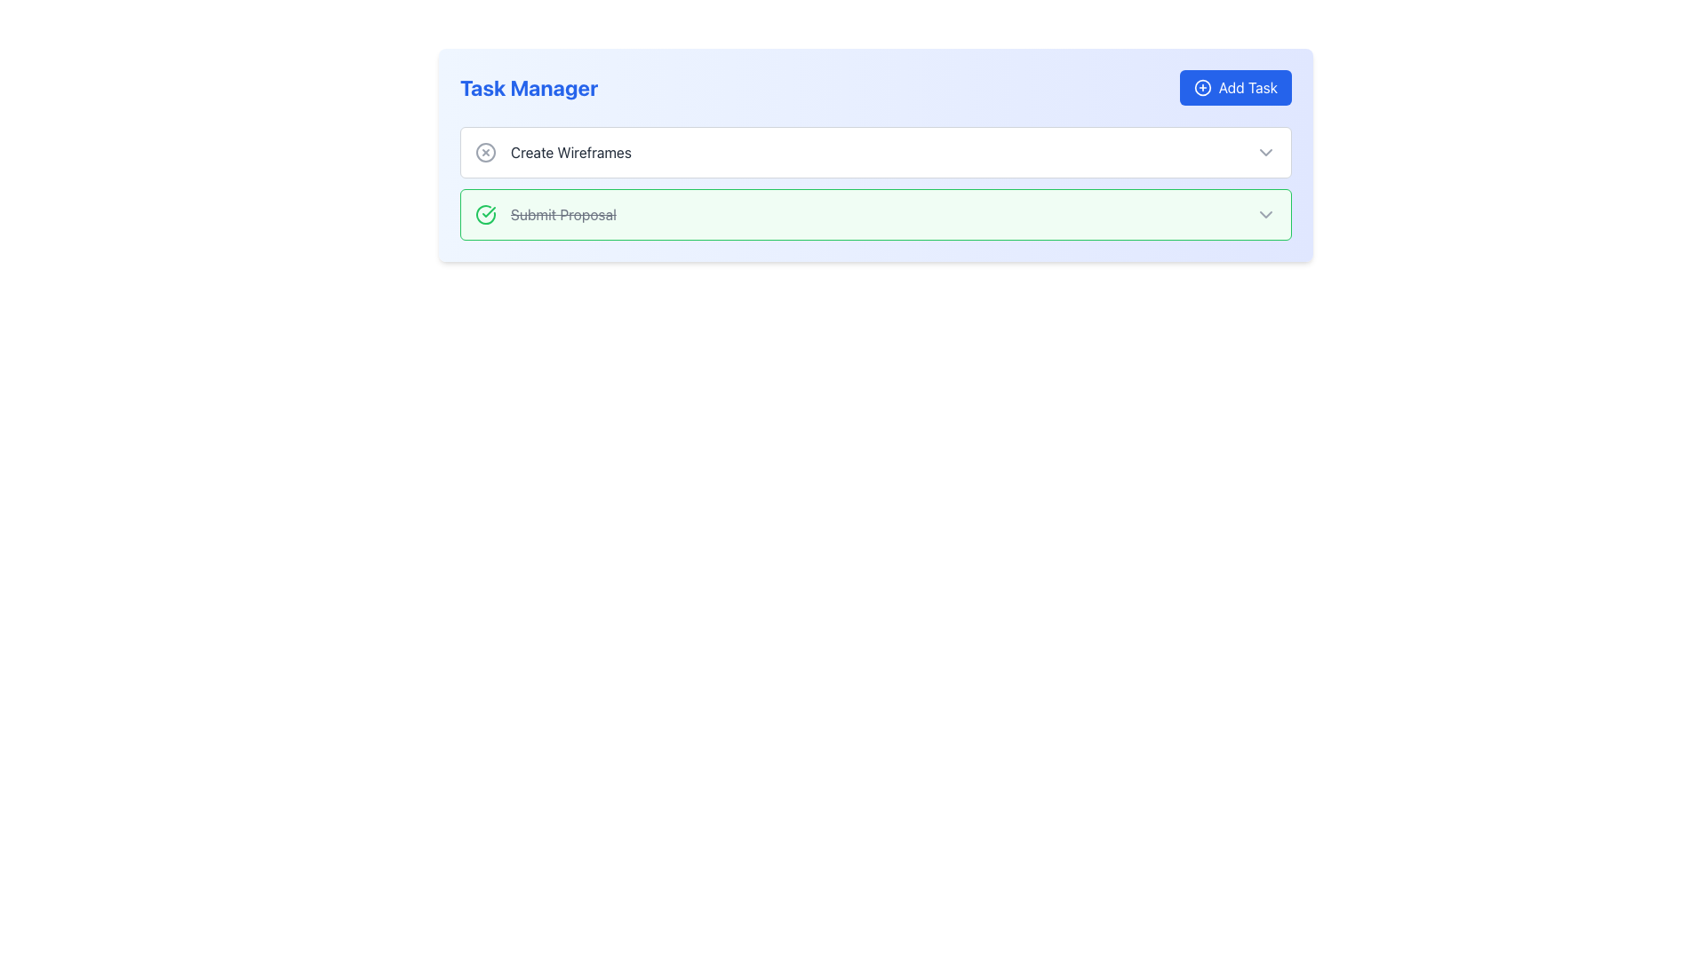  Describe the element at coordinates (489, 211) in the screenshot. I see `the smaller green checkmark icon inside the circular icon located to the left of the 'Submit Proposal' task item` at that location.